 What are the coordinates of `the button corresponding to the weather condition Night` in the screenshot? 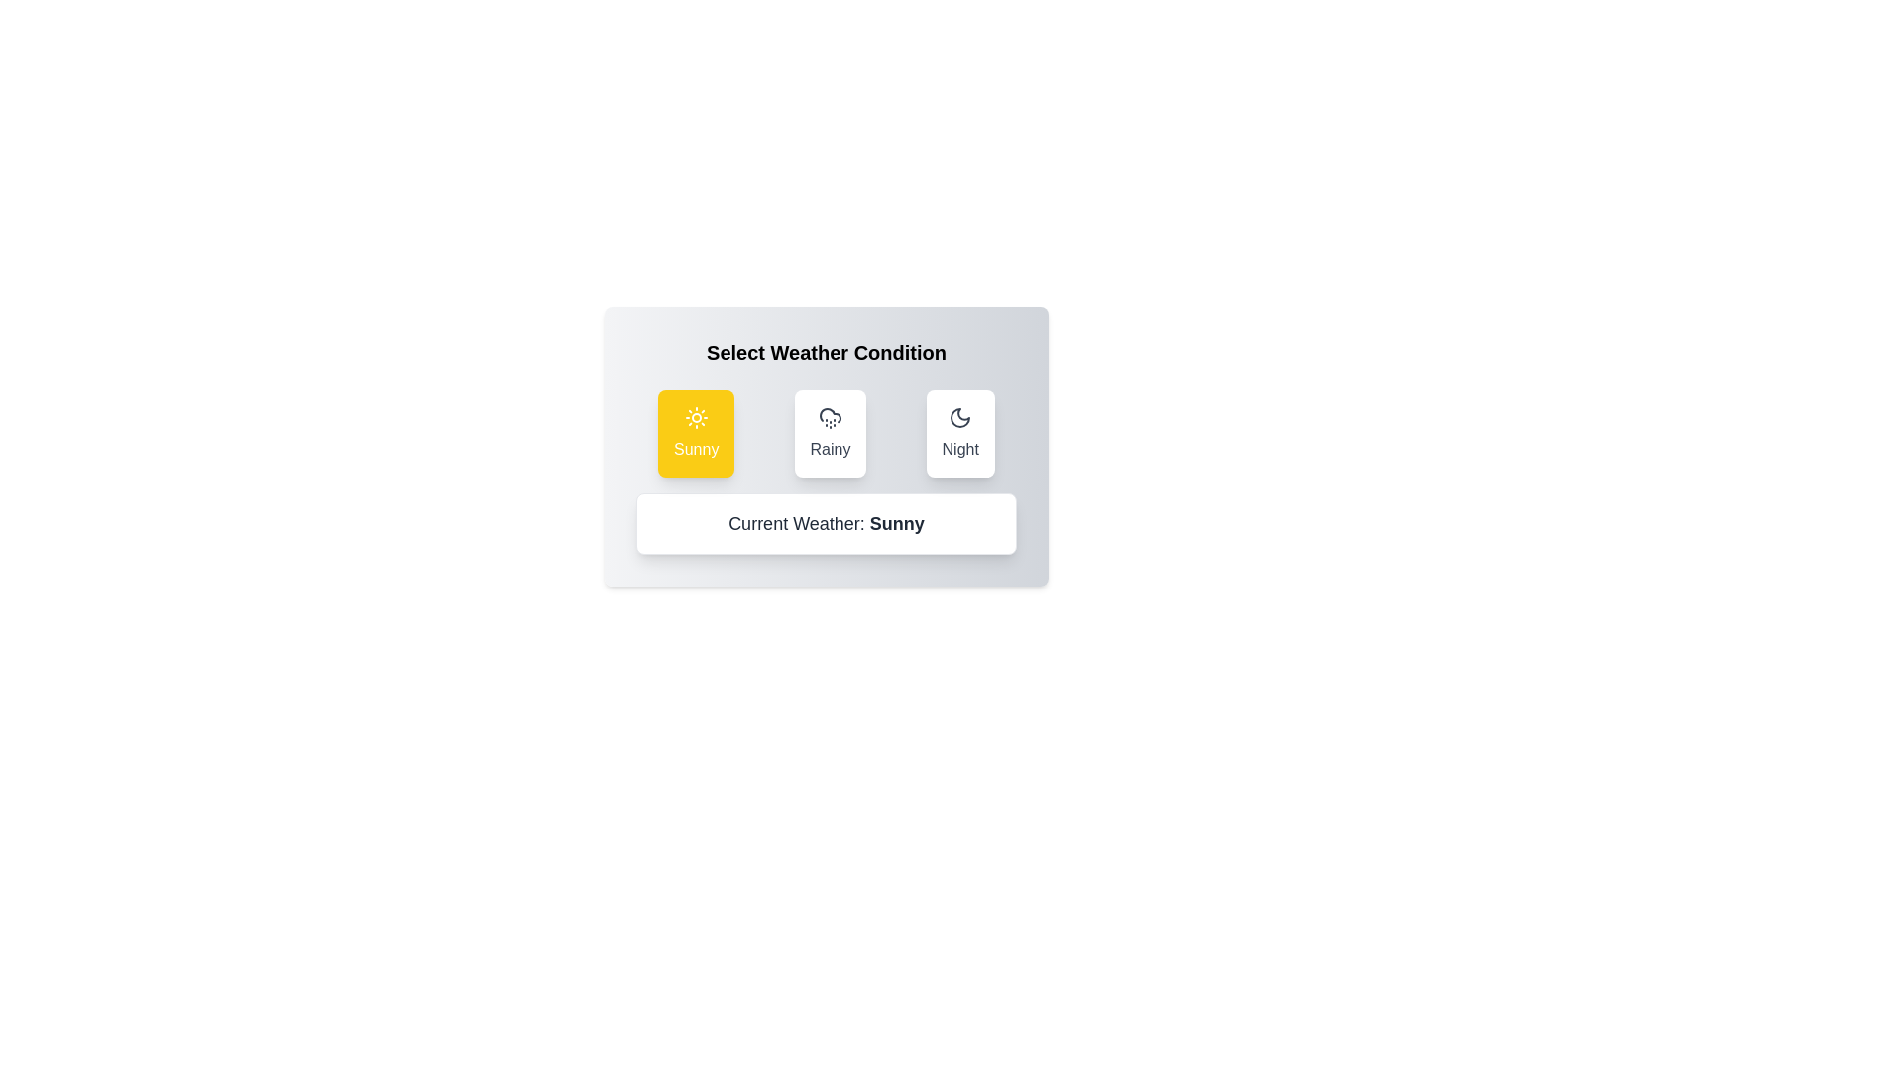 It's located at (960, 433).